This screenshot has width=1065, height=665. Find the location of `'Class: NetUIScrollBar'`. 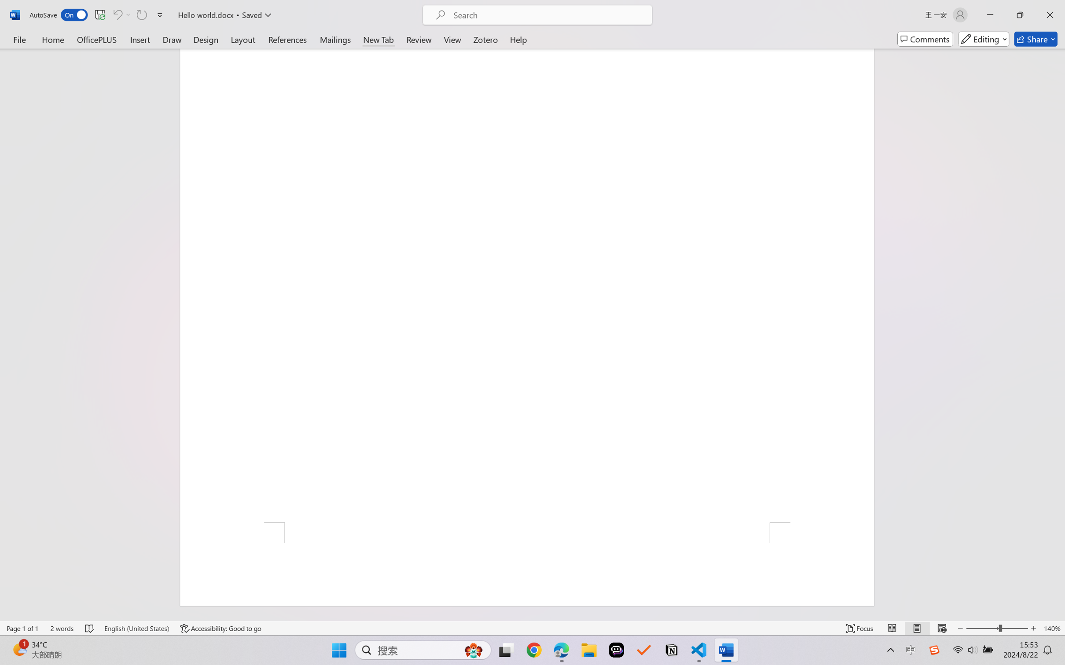

'Class: NetUIScrollBar' is located at coordinates (1059, 334).